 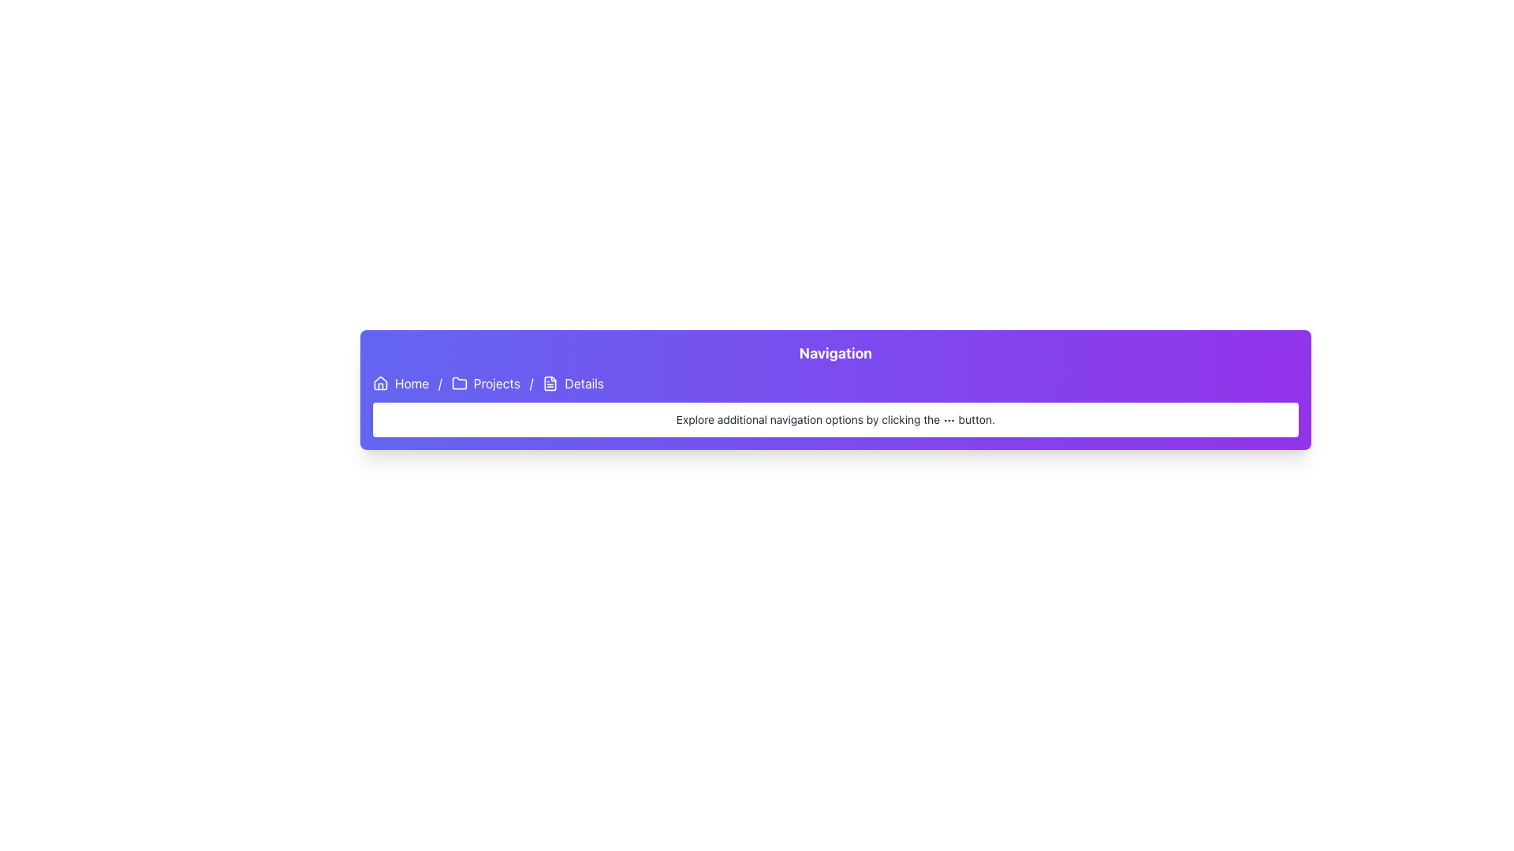 What do you see at coordinates (401, 383) in the screenshot?
I see `the Breadcrumb link at the start of the navigation sequence, labeled 'Home'` at bounding box center [401, 383].